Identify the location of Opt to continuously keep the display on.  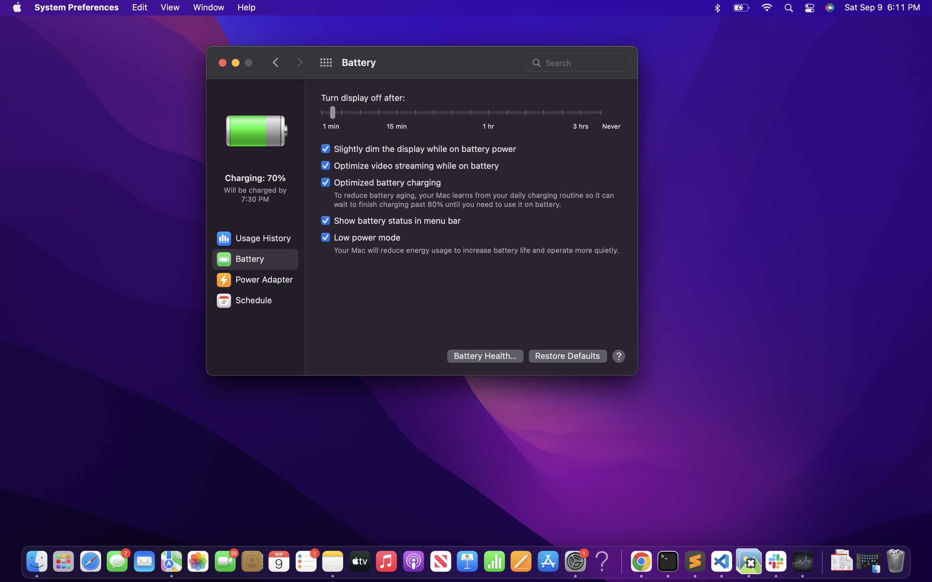
(601, 110).